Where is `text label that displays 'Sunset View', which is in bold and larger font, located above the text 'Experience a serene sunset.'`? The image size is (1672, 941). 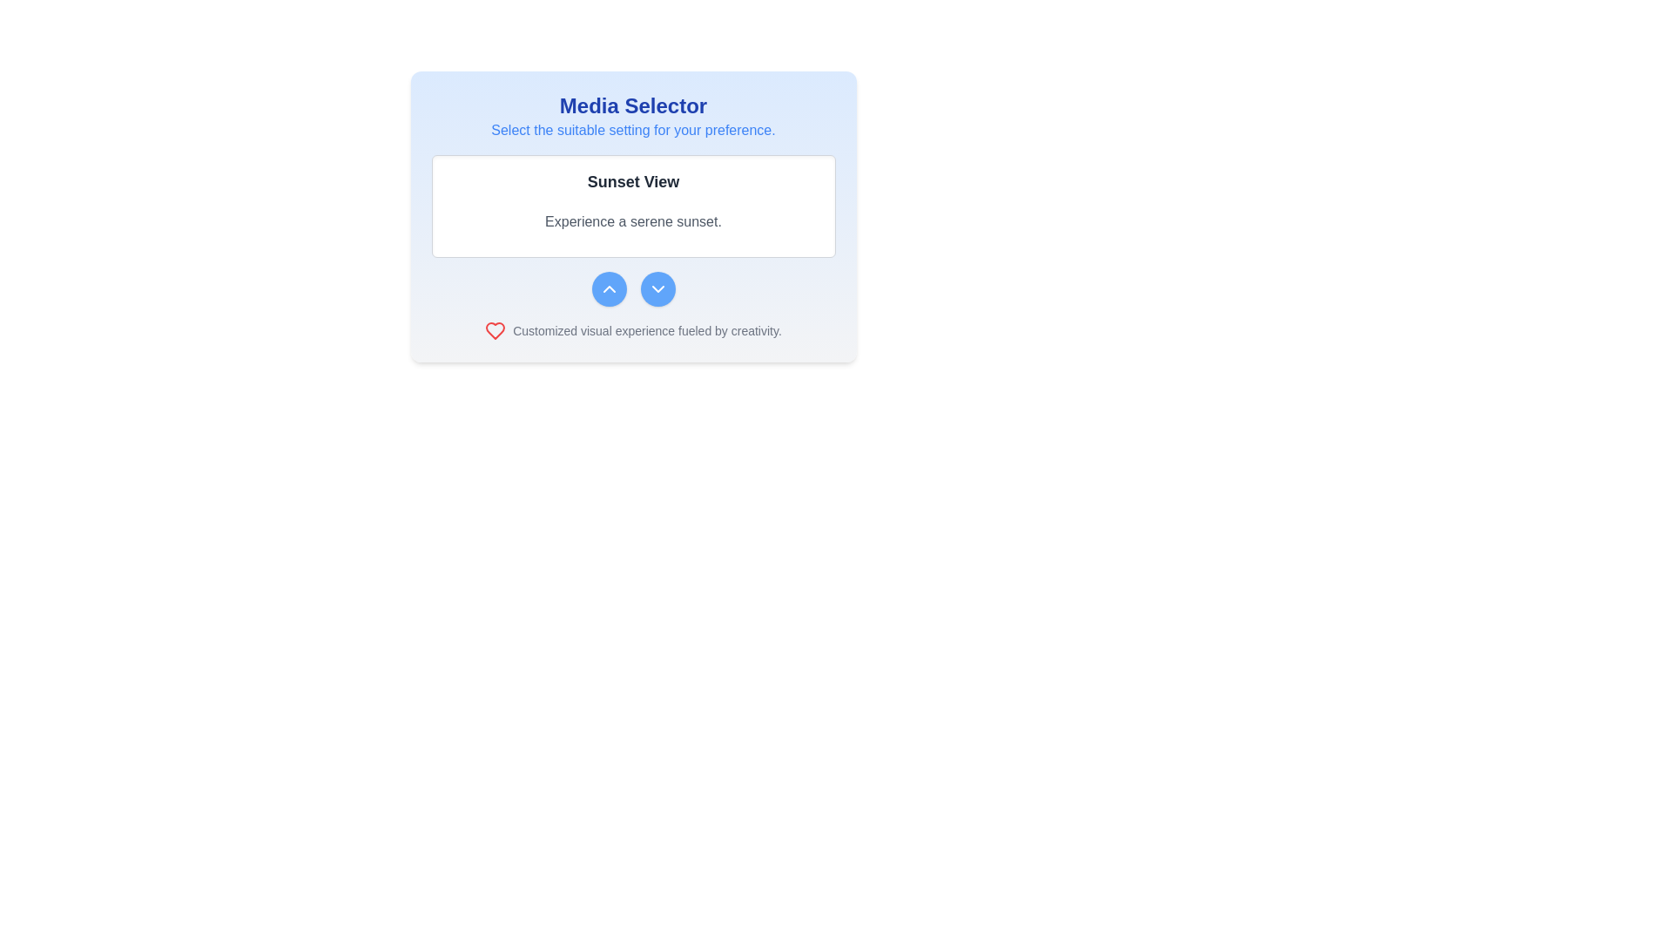
text label that displays 'Sunset View', which is in bold and larger font, located above the text 'Experience a serene sunset.' is located at coordinates (632, 181).